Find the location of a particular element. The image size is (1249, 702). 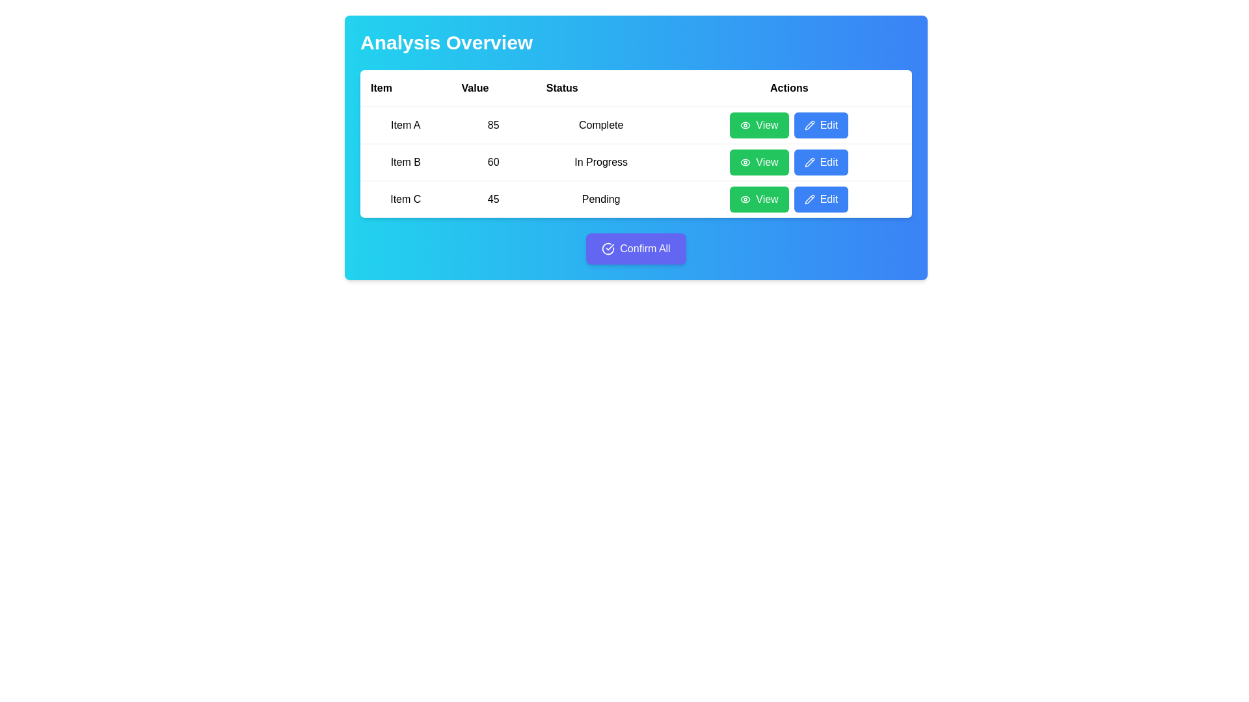

the visibility icon button in the 'Actions' column of the third row of the 'Analysis Overview' table using keyboard navigation is located at coordinates (745, 200).